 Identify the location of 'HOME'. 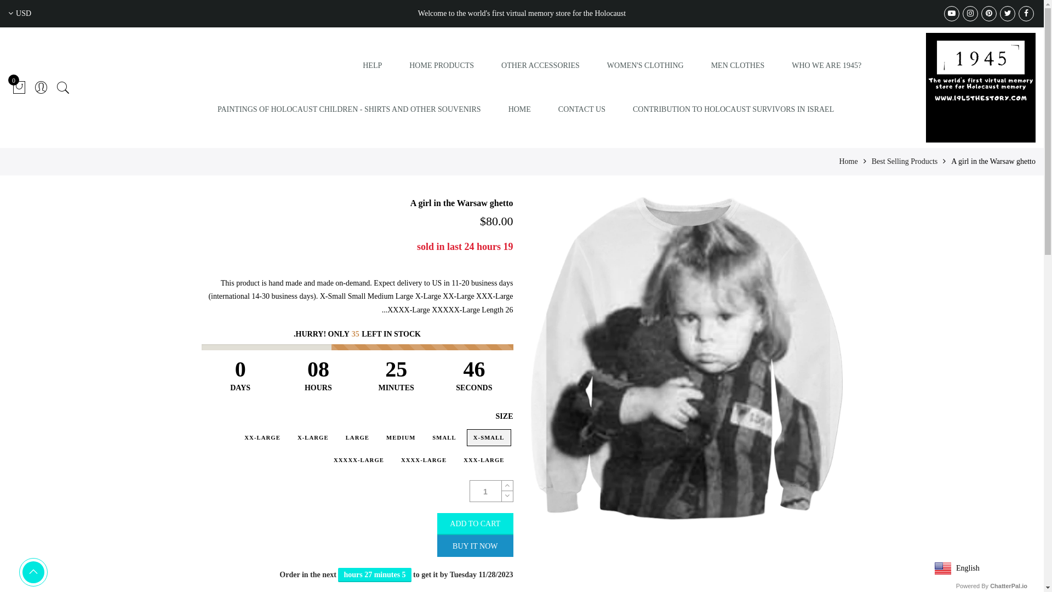
(519, 109).